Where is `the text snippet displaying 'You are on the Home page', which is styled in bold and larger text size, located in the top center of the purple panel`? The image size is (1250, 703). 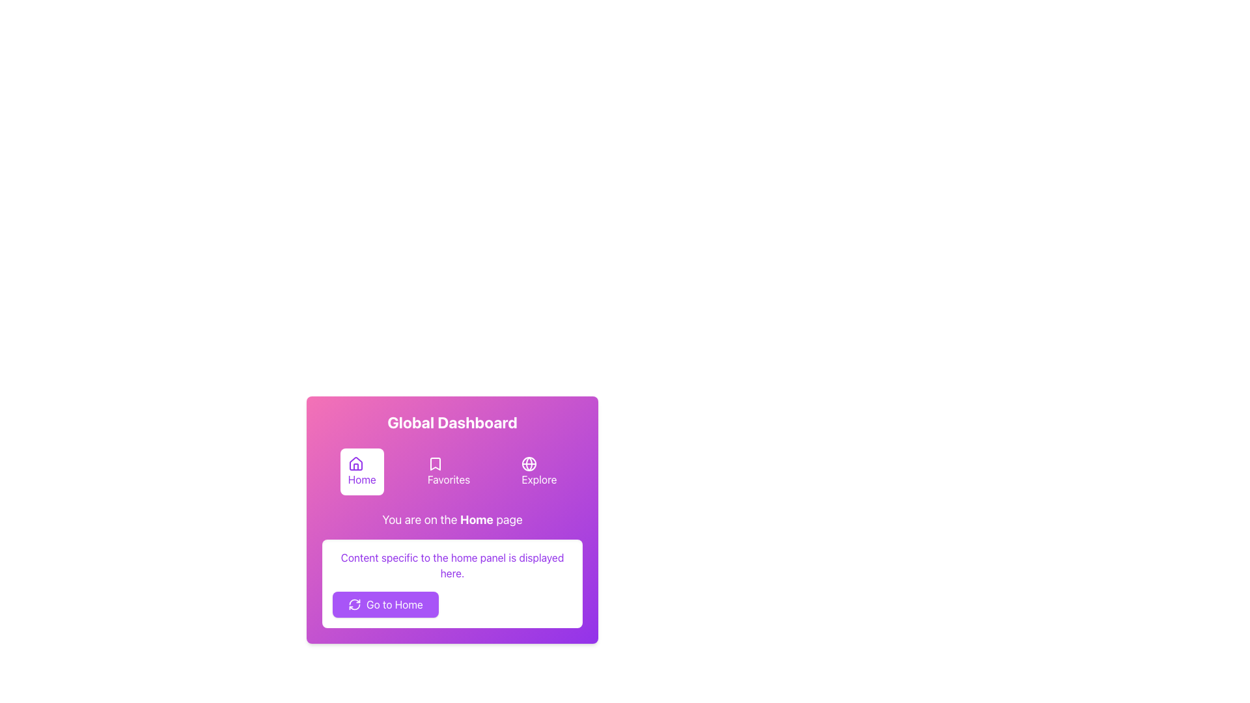
the text snippet displaying 'You are on the Home page', which is styled in bold and larger text size, located in the top center of the purple panel is located at coordinates (452, 519).